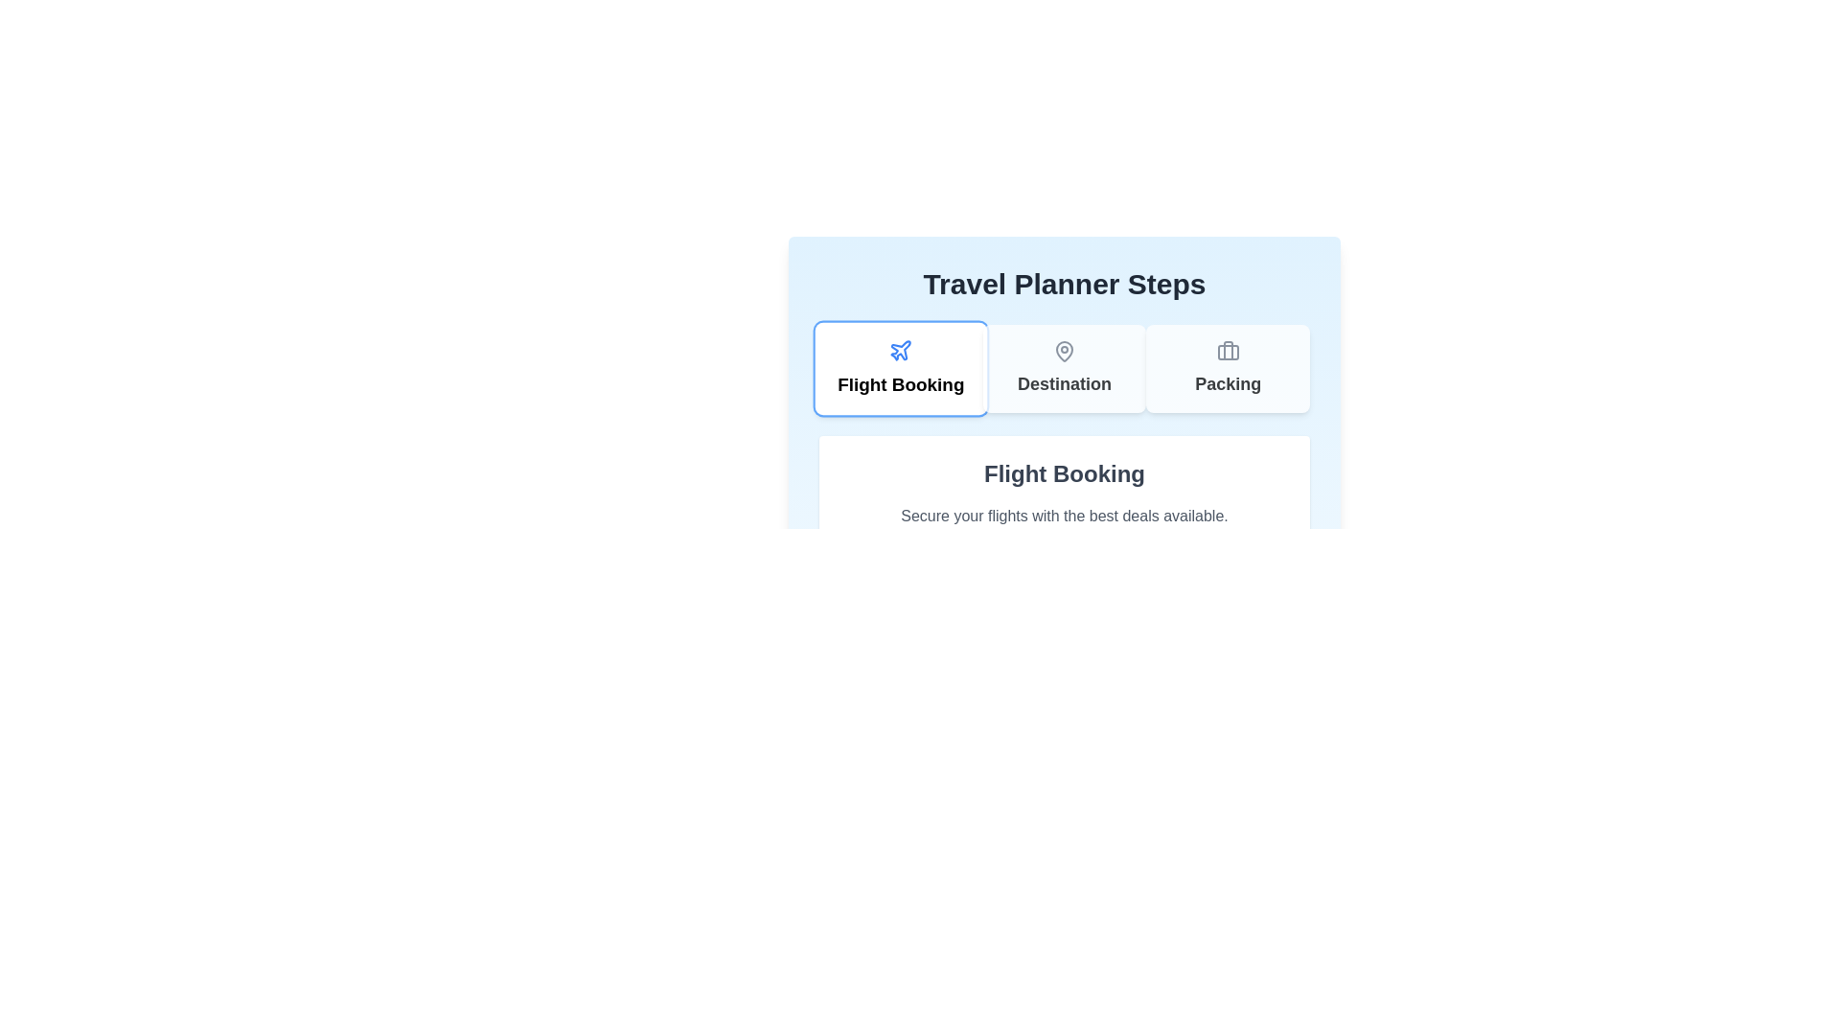 This screenshot has width=1840, height=1035. What do you see at coordinates (900, 384) in the screenshot?
I see `text label for the flight booking step, which is located below the airplane icon in the travel planner interface` at bounding box center [900, 384].